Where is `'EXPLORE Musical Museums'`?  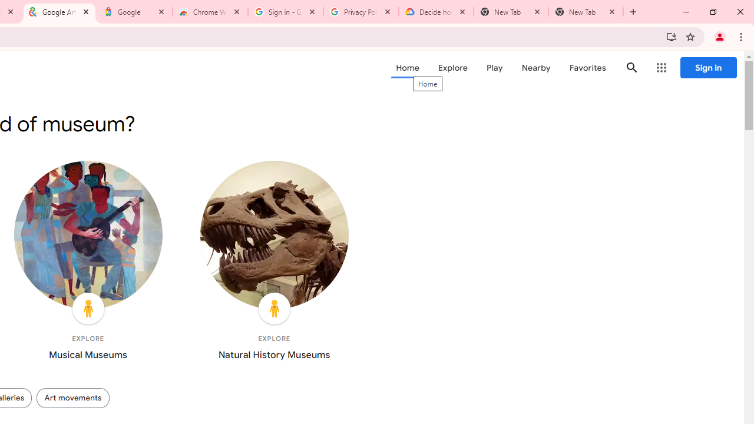 'EXPLORE Musical Museums' is located at coordinates (87, 263).